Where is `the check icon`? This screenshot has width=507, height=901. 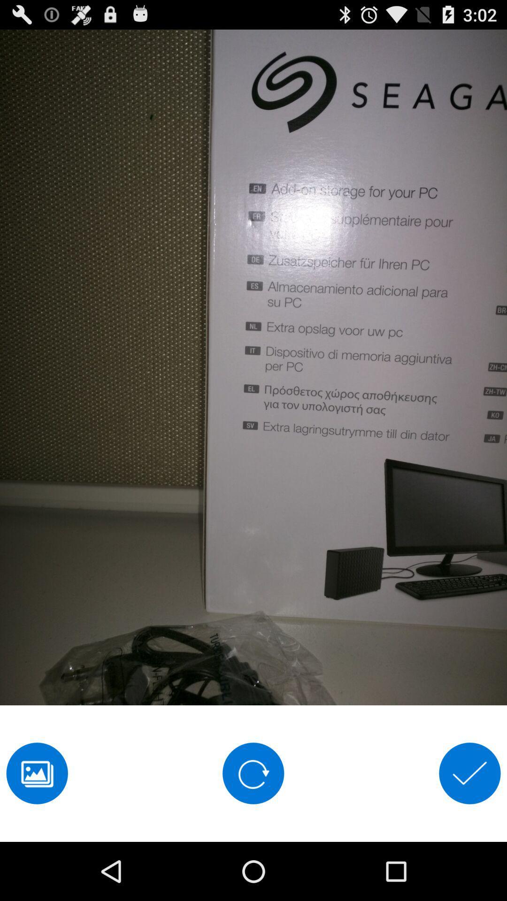 the check icon is located at coordinates (469, 827).